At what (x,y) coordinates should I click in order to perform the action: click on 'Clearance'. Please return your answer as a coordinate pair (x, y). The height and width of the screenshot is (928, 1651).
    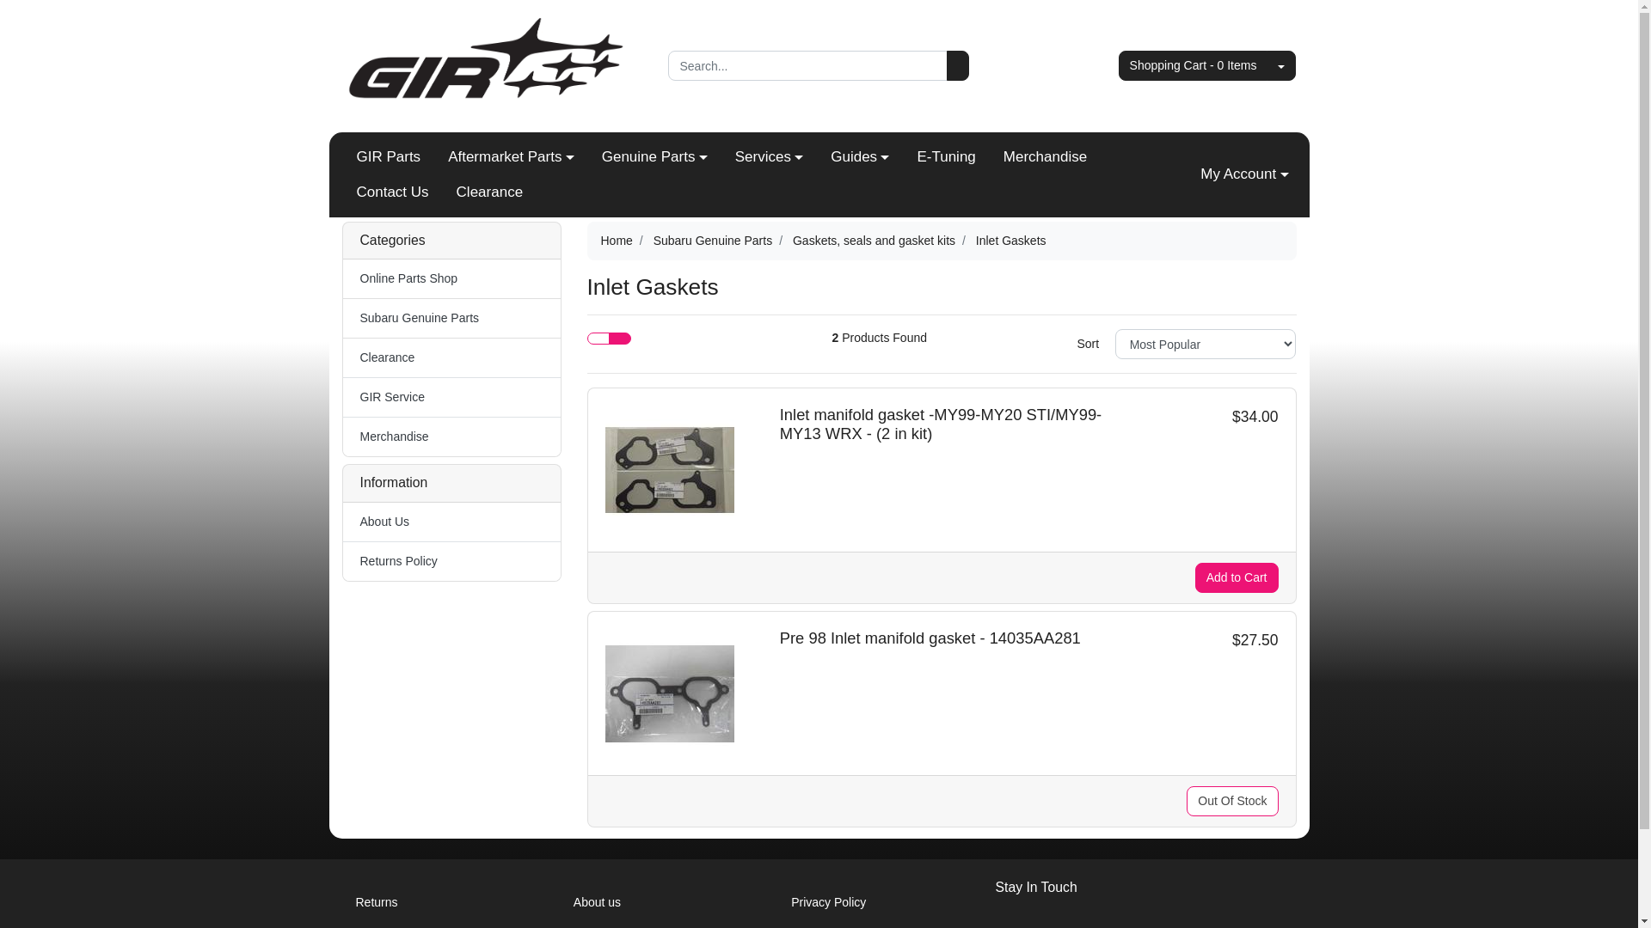
    Looking at the image, I should click on (451, 357).